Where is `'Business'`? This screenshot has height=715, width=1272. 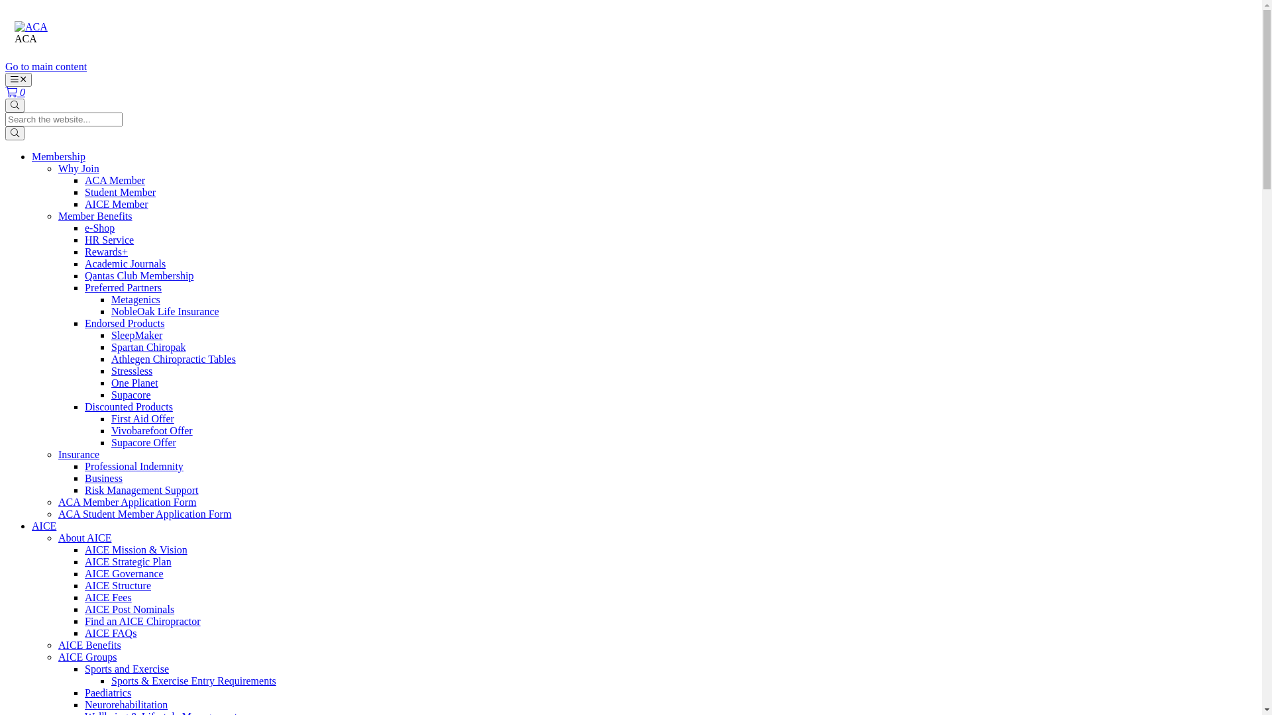 'Business' is located at coordinates (84, 478).